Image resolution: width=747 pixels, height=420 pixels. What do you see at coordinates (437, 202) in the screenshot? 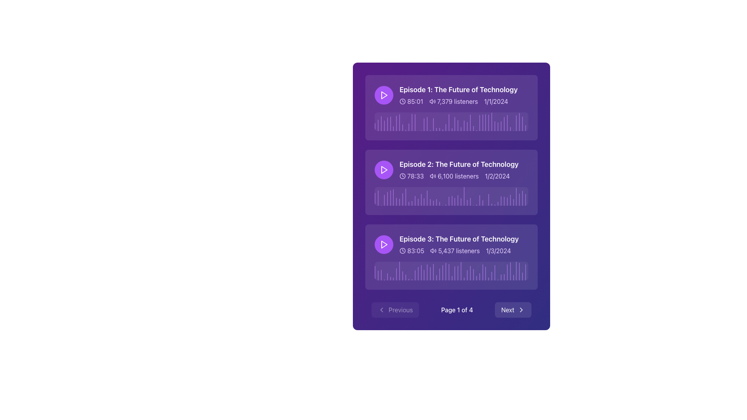
I see `the 21st decorative graphical bar in the waveform visualization within the 'Episode 2: The Future of Technology' card` at bounding box center [437, 202].